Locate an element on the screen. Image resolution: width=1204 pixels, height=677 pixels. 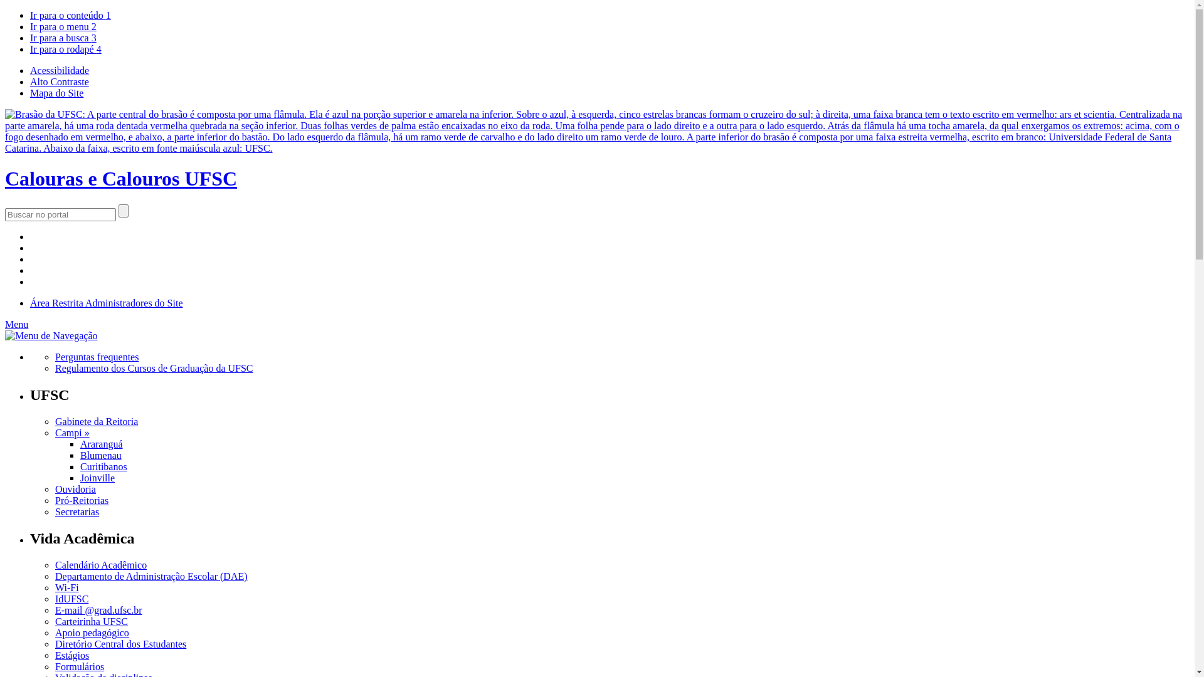
'Gabinete da Reitoria' is located at coordinates (95, 421).